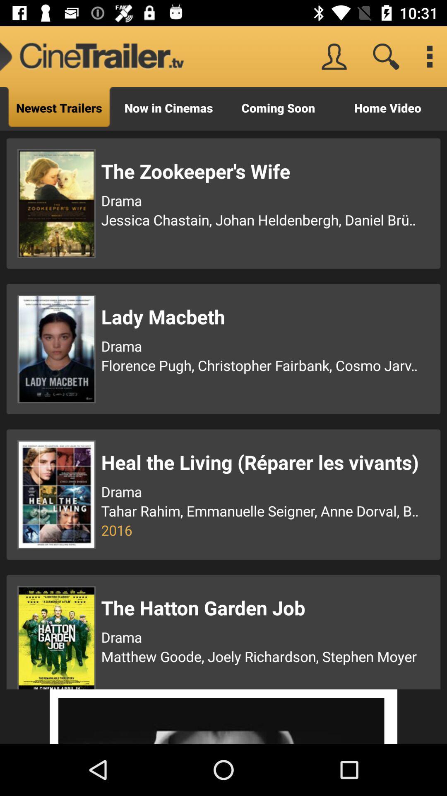 This screenshot has width=447, height=796. Describe the element at coordinates (429, 56) in the screenshot. I see `more options` at that location.